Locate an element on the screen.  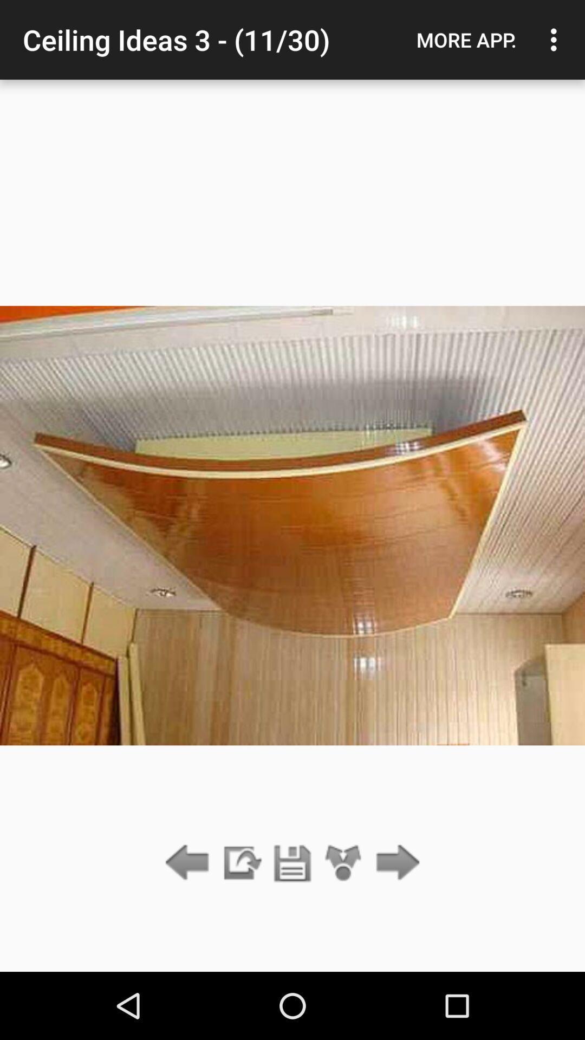
previous is located at coordinates (190, 863).